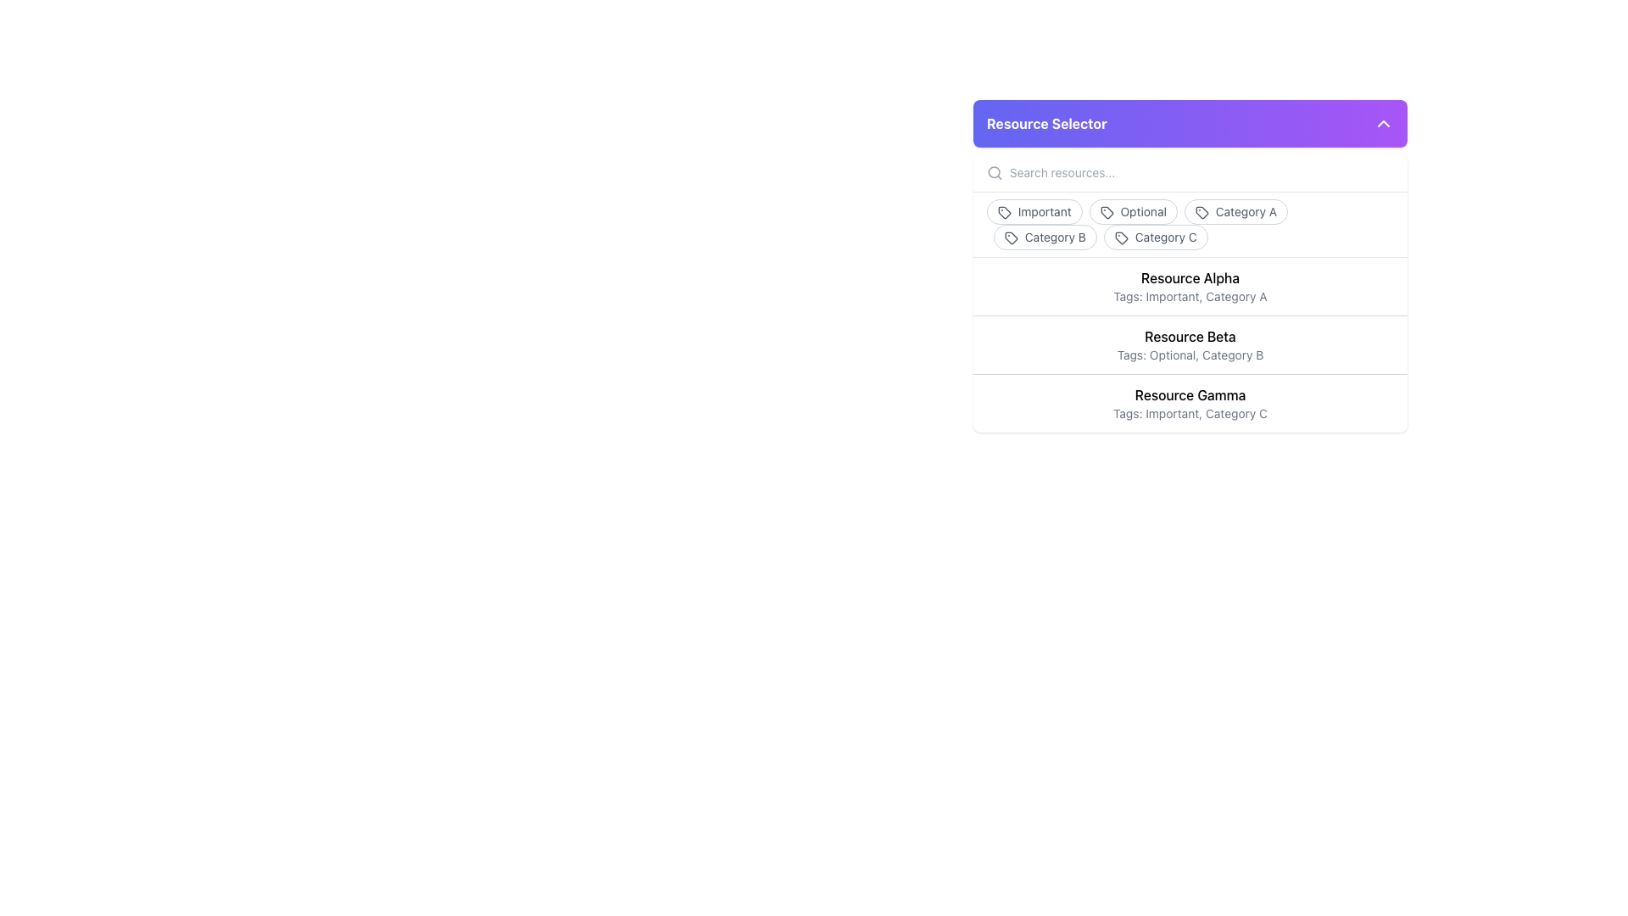  Describe the element at coordinates (1189, 355) in the screenshot. I see `the text label reading 'Tags: Optional, Category B', which is styled in a small gray font and located directly below the bold title 'Resource Beta'` at that location.